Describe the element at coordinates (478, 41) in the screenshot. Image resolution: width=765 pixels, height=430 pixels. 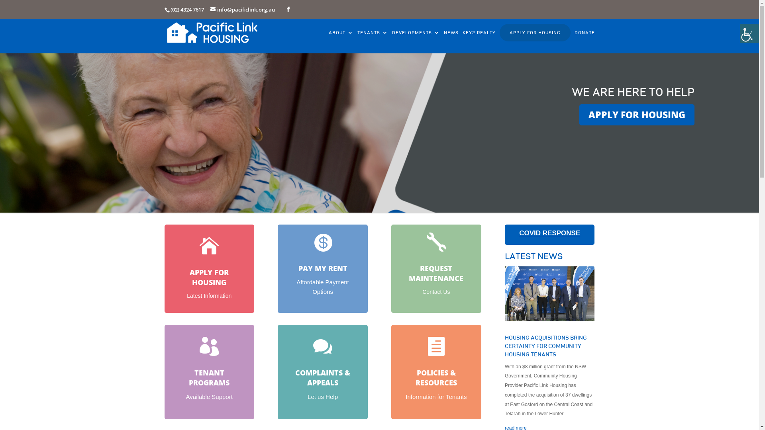
I see `'KEY2 REALTY'` at that location.